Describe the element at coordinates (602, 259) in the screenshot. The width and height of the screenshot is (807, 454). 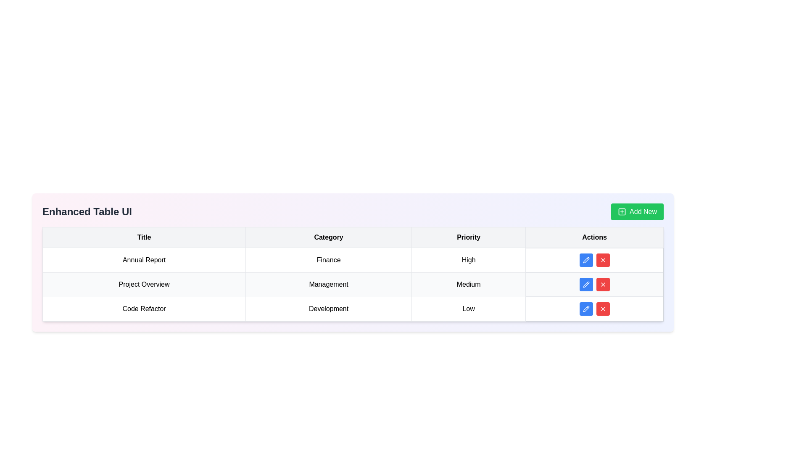
I see `the button with a red background, white text, and an 'X' icon, which is the third button in the 'Actions' column under 'Priority: High'` at that location.